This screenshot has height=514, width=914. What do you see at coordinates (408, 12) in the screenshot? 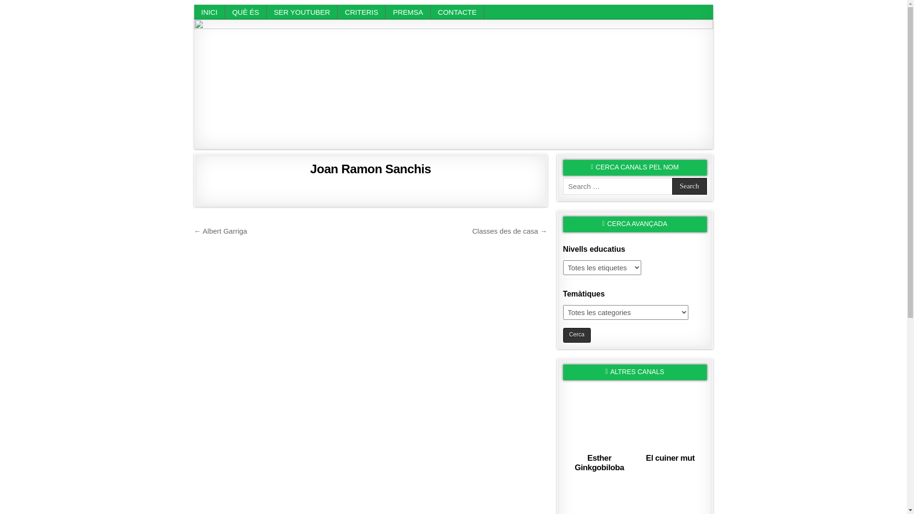
I see `'PREMSA'` at bounding box center [408, 12].